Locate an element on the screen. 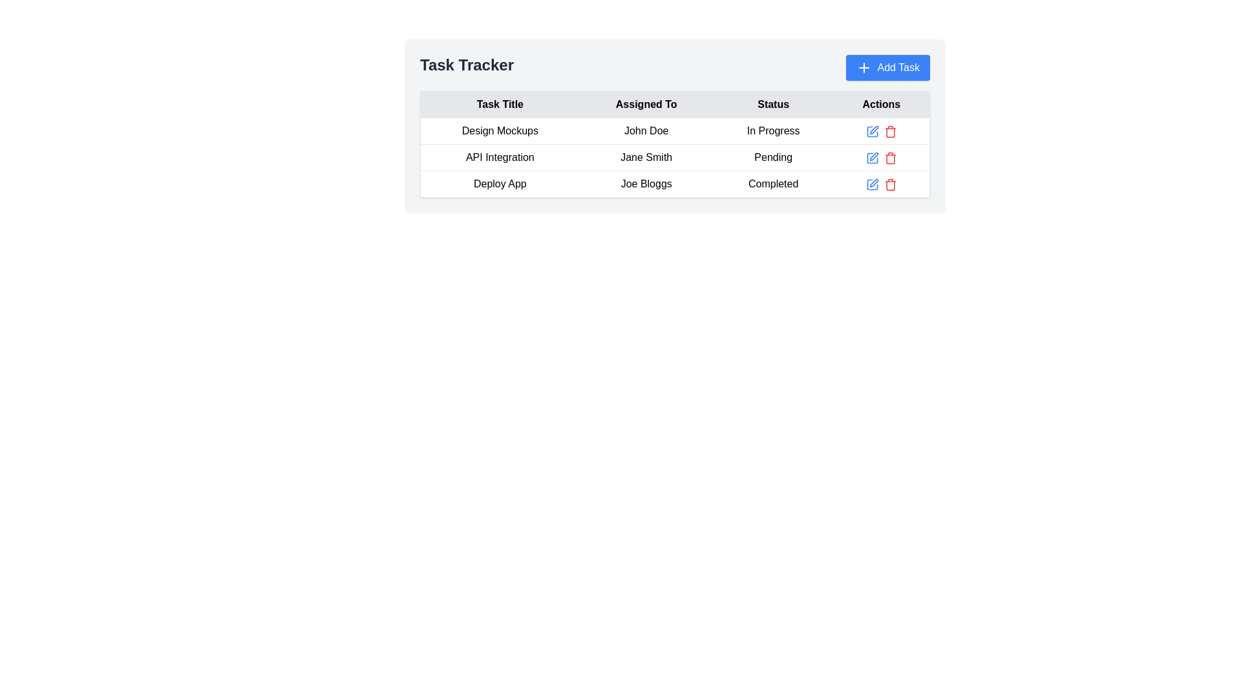 The width and height of the screenshot is (1241, 698). the edit or delete action icons located in the 'Actions' column of the row corresponding to 'Jane Smith' in the table is located at coordinates (880, 156).